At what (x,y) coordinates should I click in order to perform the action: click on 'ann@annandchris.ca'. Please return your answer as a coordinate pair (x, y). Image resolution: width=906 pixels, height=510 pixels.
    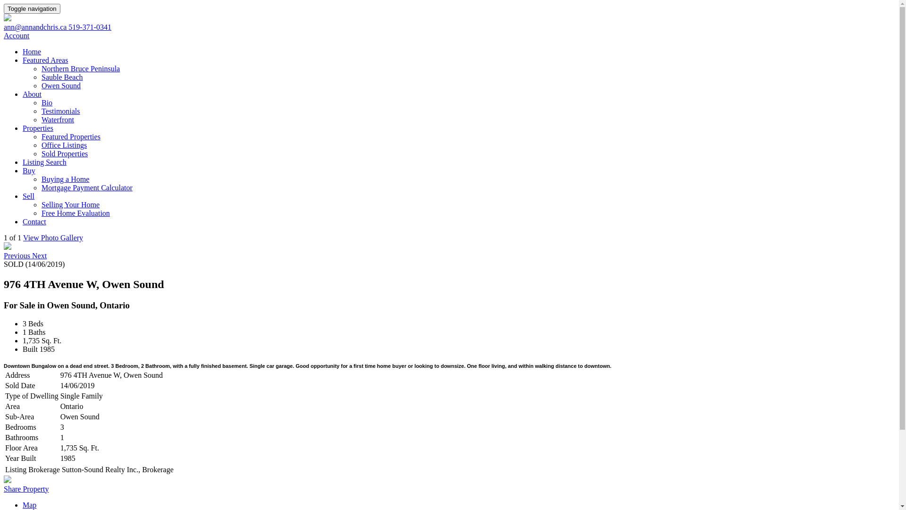
    Looking at the image, I should click on (36, 26).